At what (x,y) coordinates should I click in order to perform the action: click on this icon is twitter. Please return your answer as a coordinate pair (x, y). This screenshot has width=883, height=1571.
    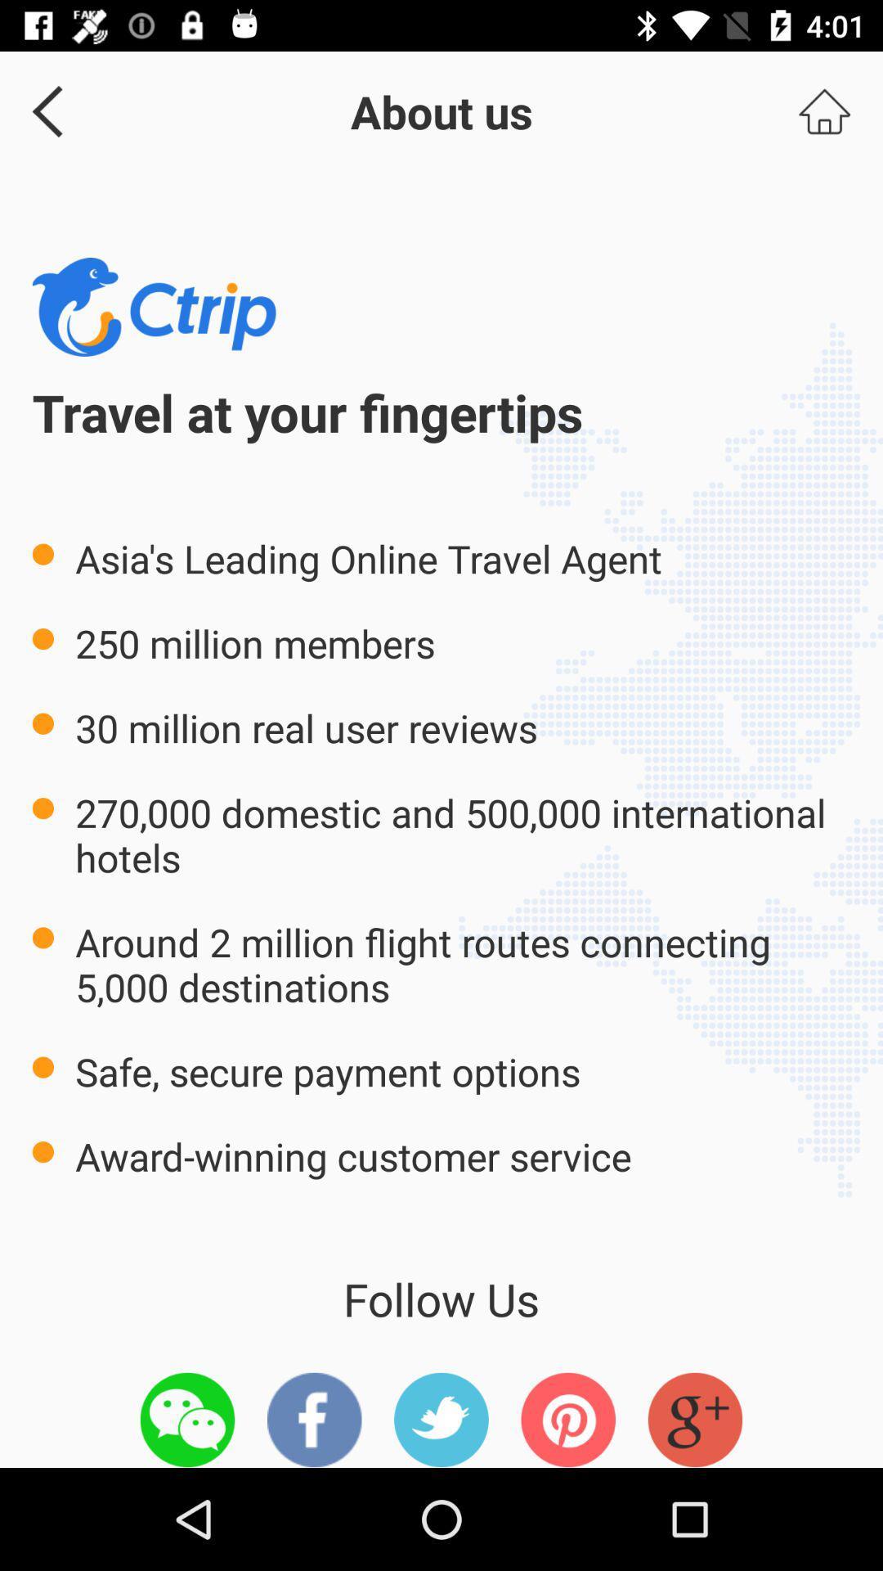
    Looking at the image, I should click on (441, 1419).